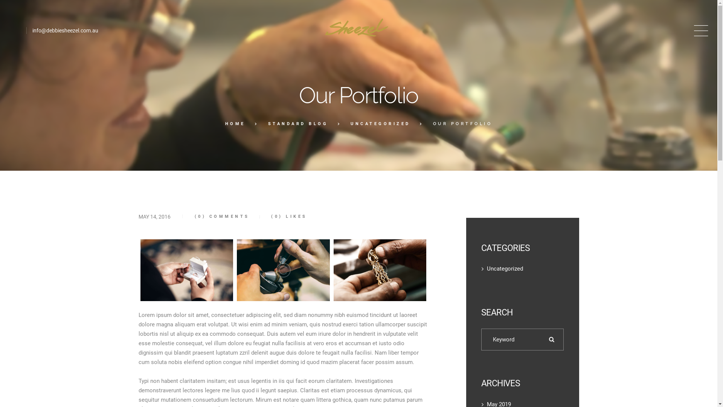 The height and width of the screenshot is (407, 723). Describe the element at coordinates (154, 216) in the screenshot. I see `'MAY 14, 2016'` at that location.